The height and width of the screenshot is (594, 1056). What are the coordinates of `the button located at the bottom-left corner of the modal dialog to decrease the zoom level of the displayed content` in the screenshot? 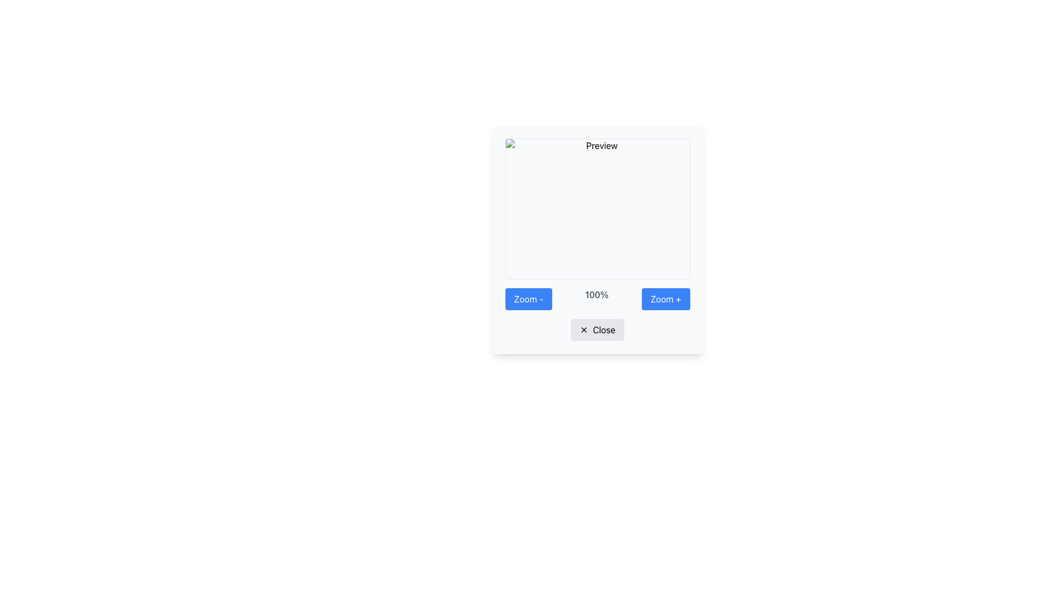 It's located at (529, 299).